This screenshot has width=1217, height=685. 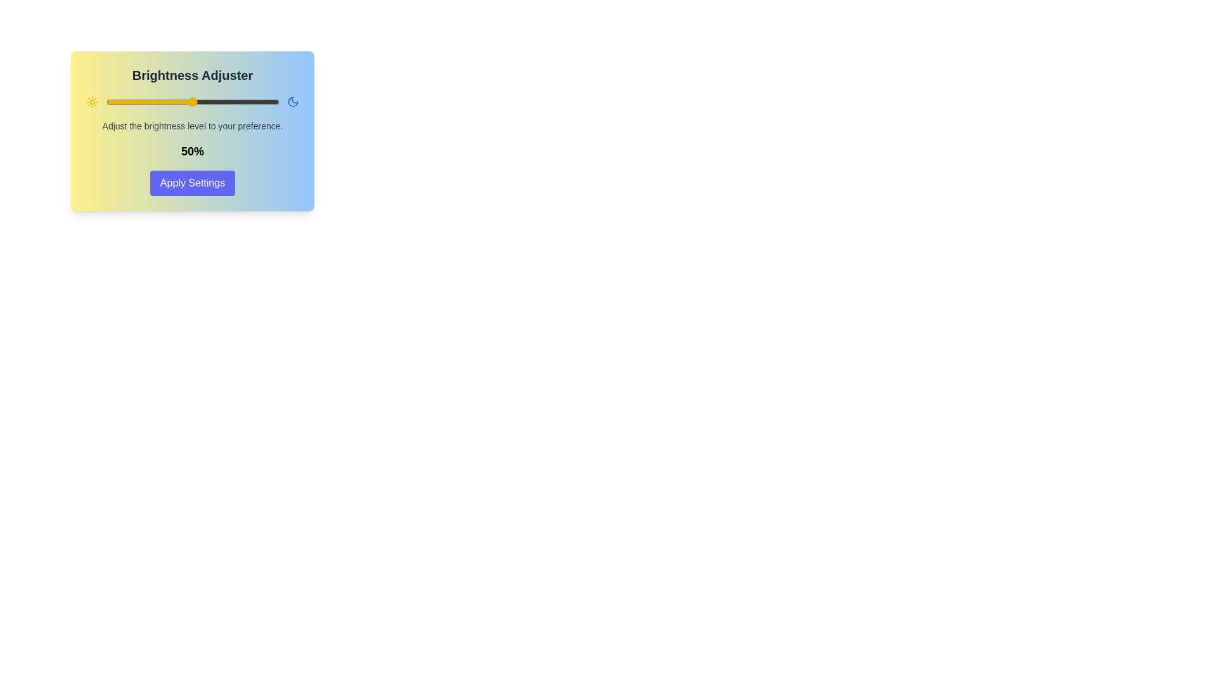 What do you see at coordinates (108, 101) in the screenshot?
I see `the brightness slider to 1%` at bounding box center [108, 101].